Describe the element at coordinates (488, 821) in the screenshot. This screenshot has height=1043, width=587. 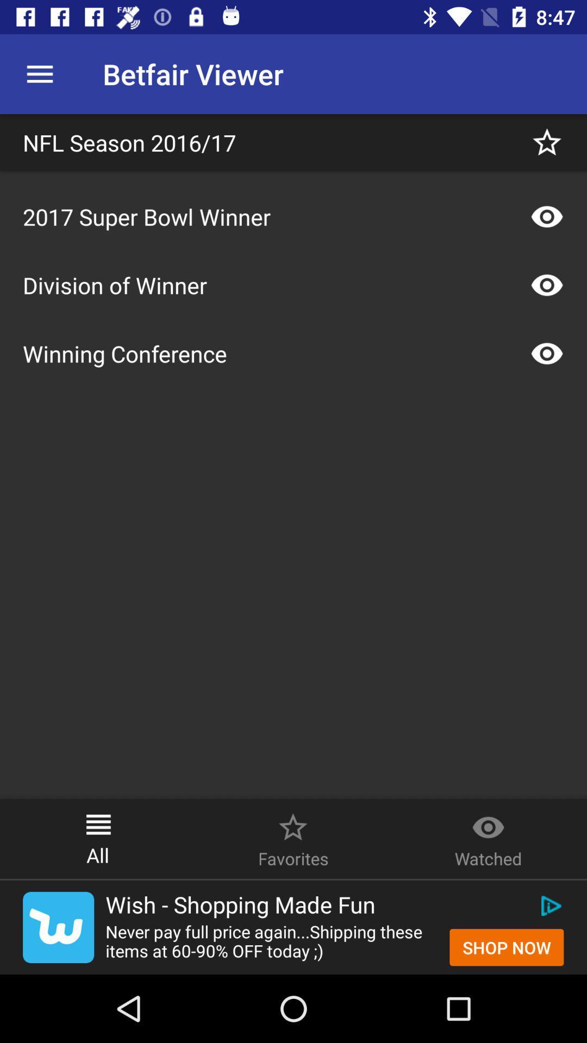
I see `seen icon above watched` at that location.